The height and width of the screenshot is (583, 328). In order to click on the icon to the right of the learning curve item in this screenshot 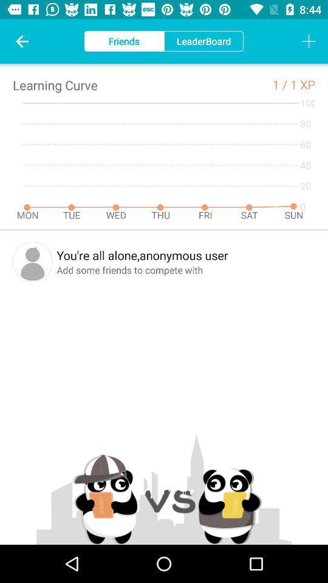, I will do `click(281, 84)`.